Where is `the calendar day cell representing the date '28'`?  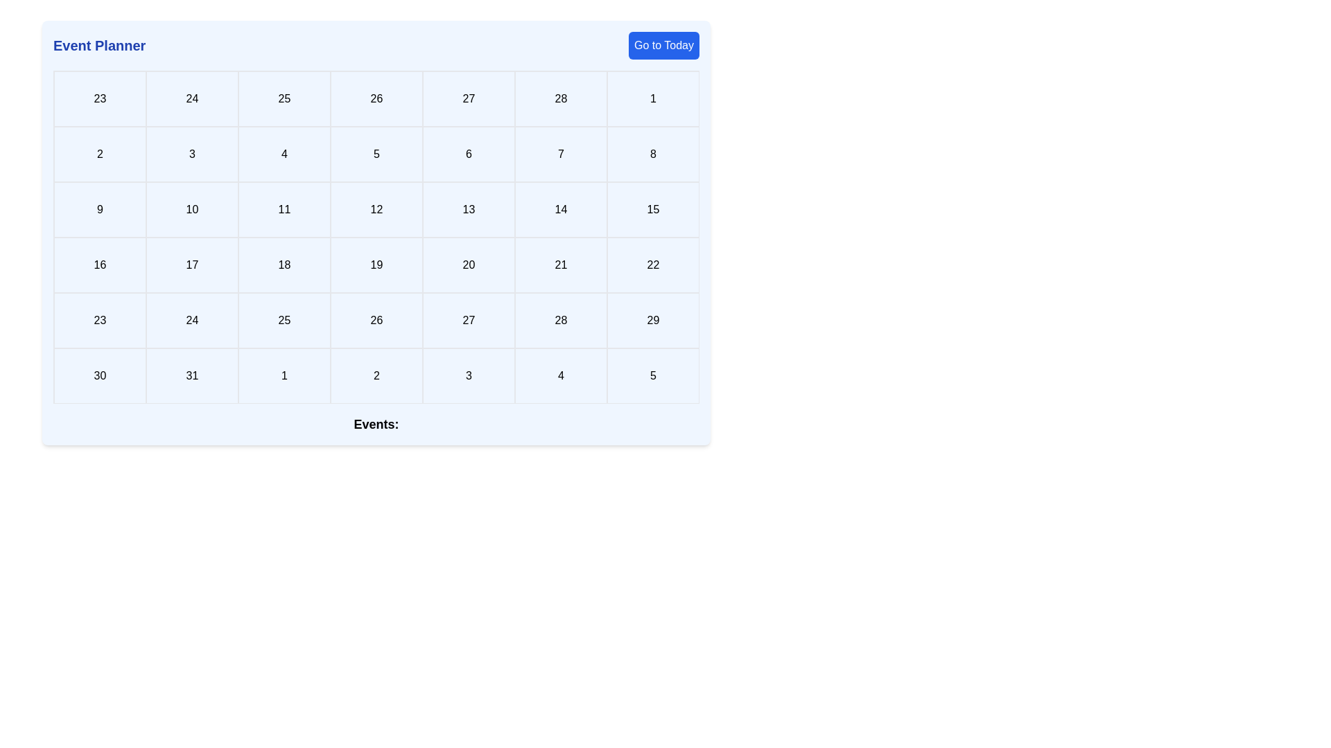
the calendar day cell representing the date '28' is located at coordinates (561, 320).